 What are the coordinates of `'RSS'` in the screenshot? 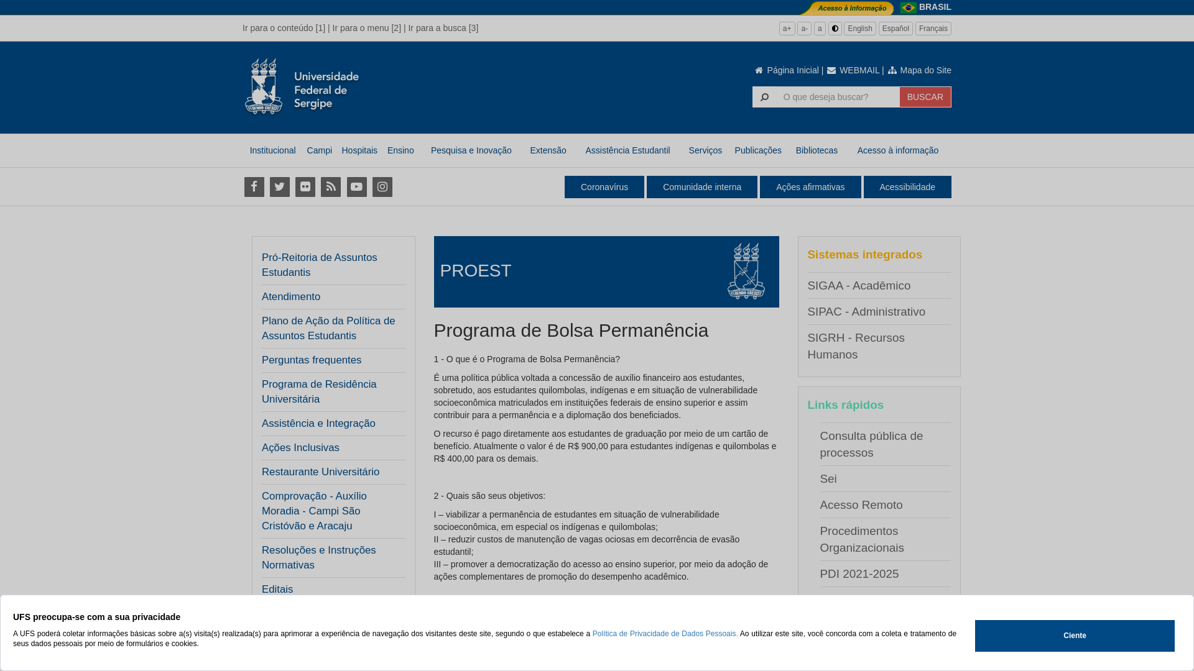 It's located at (331, 186).